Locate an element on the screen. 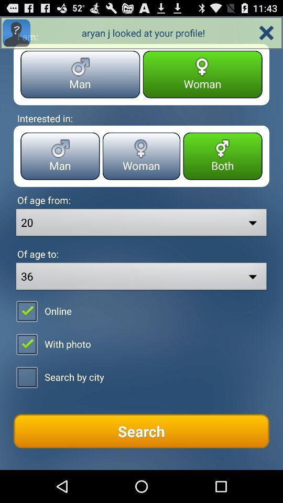  green colour text next to woman is located at coordinates (222, 156).